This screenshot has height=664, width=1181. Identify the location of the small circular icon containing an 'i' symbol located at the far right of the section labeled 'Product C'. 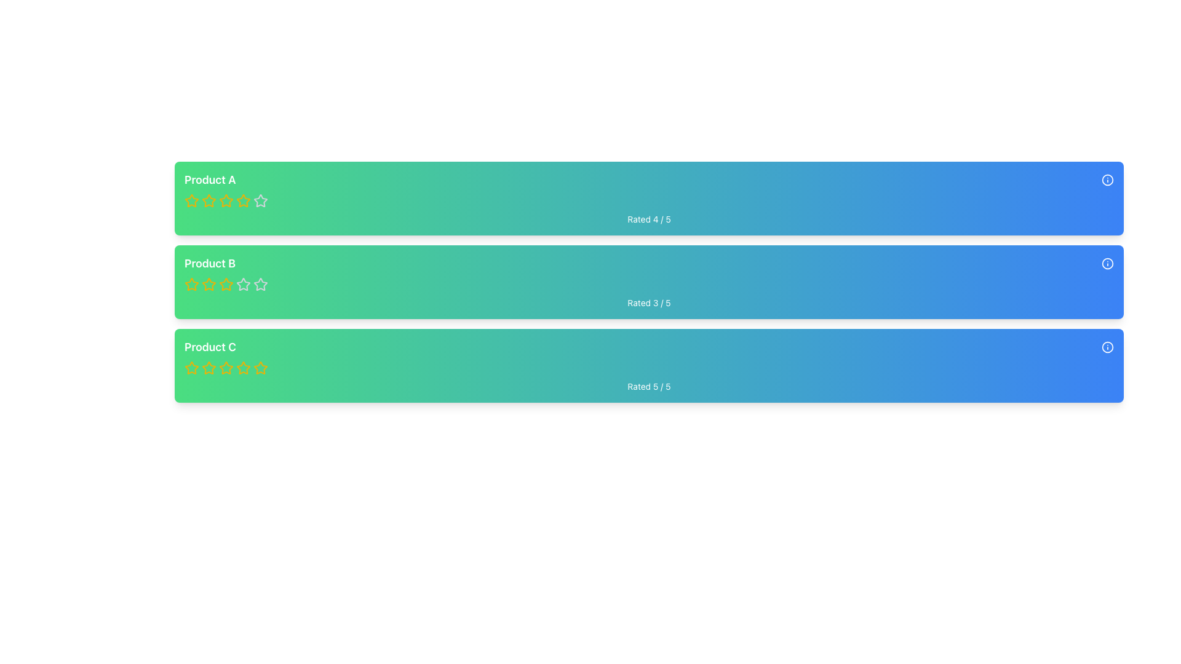
(1107, 347).